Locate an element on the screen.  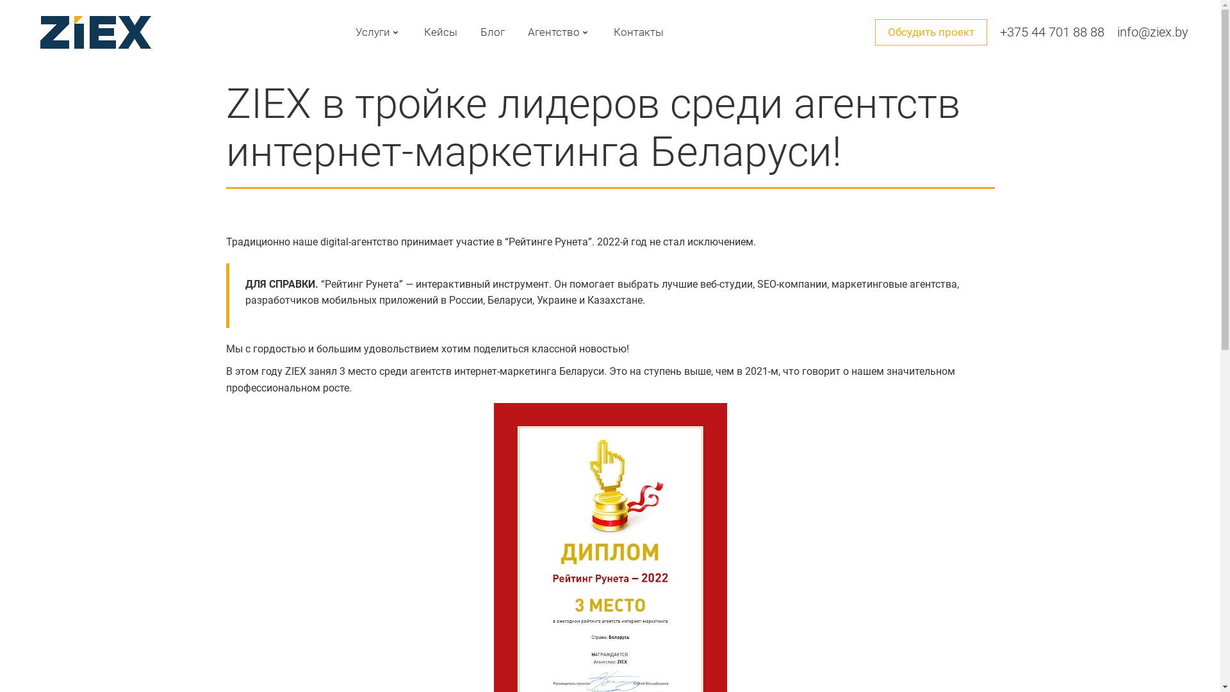
'+375 44 701 88 88' is located at coordinates (1052, 31).